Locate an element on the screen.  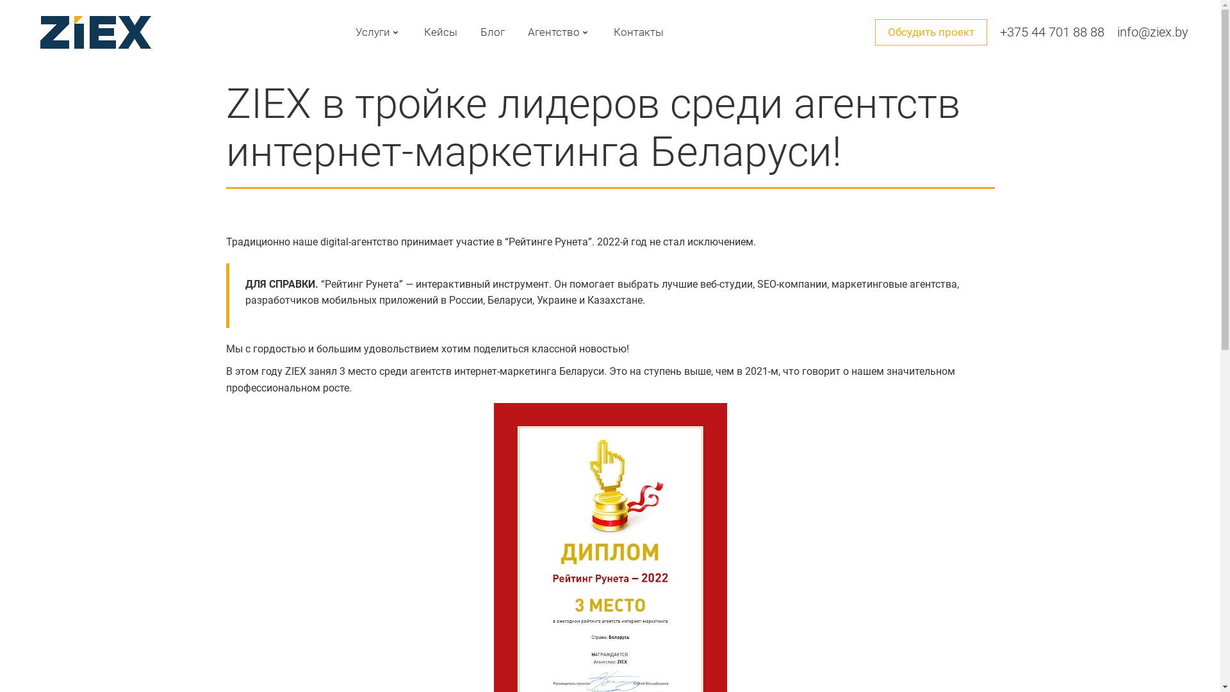
'+375 44 701 88 88' is located at coordinates (1052, 31).